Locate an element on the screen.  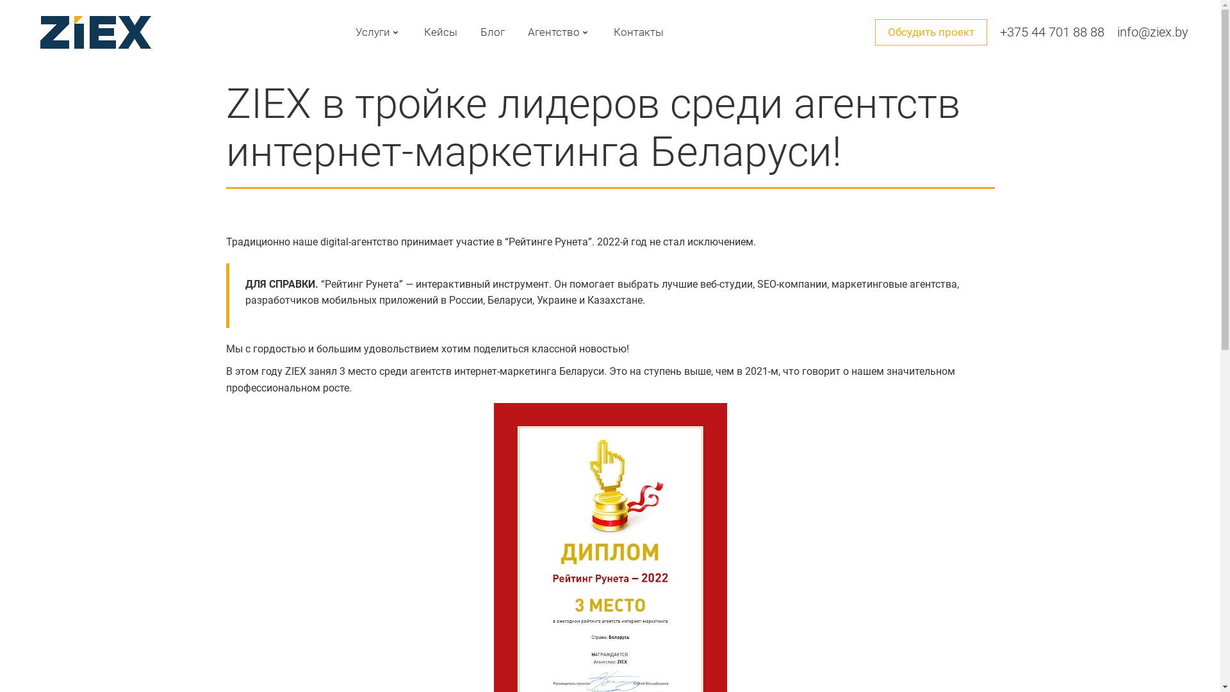
'+375 44 701 88 88' is located at coordinates (1052, 31).